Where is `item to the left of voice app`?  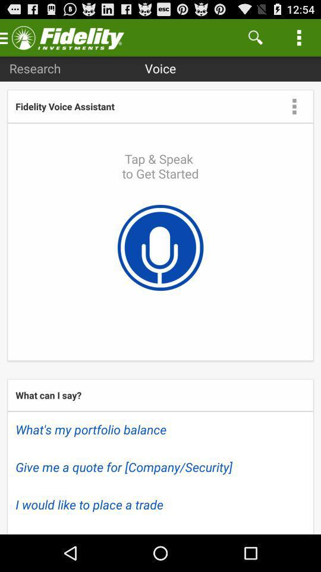
item to the left of voice app is located at coordinates (35, 68).